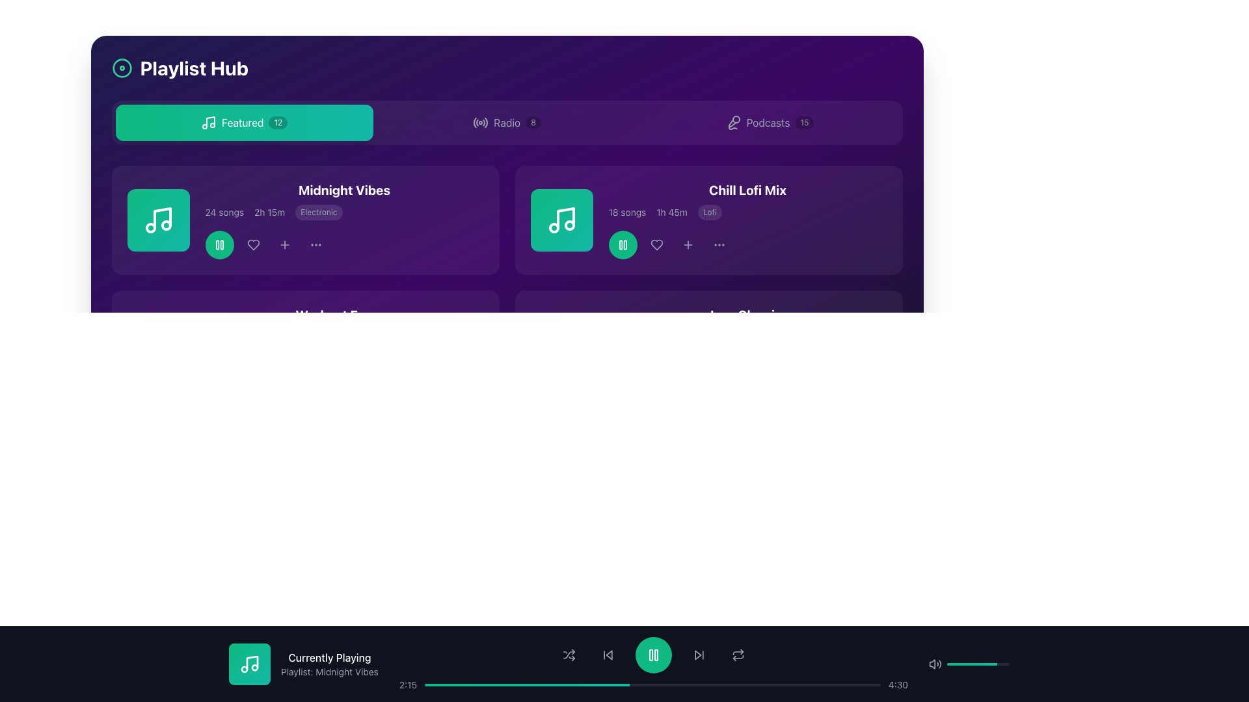 This screenshot has height=702, width=1249. What do you see at coordinates (986, 664) in the screenshot?
I see `the slider` at bounding box center [986, 664].